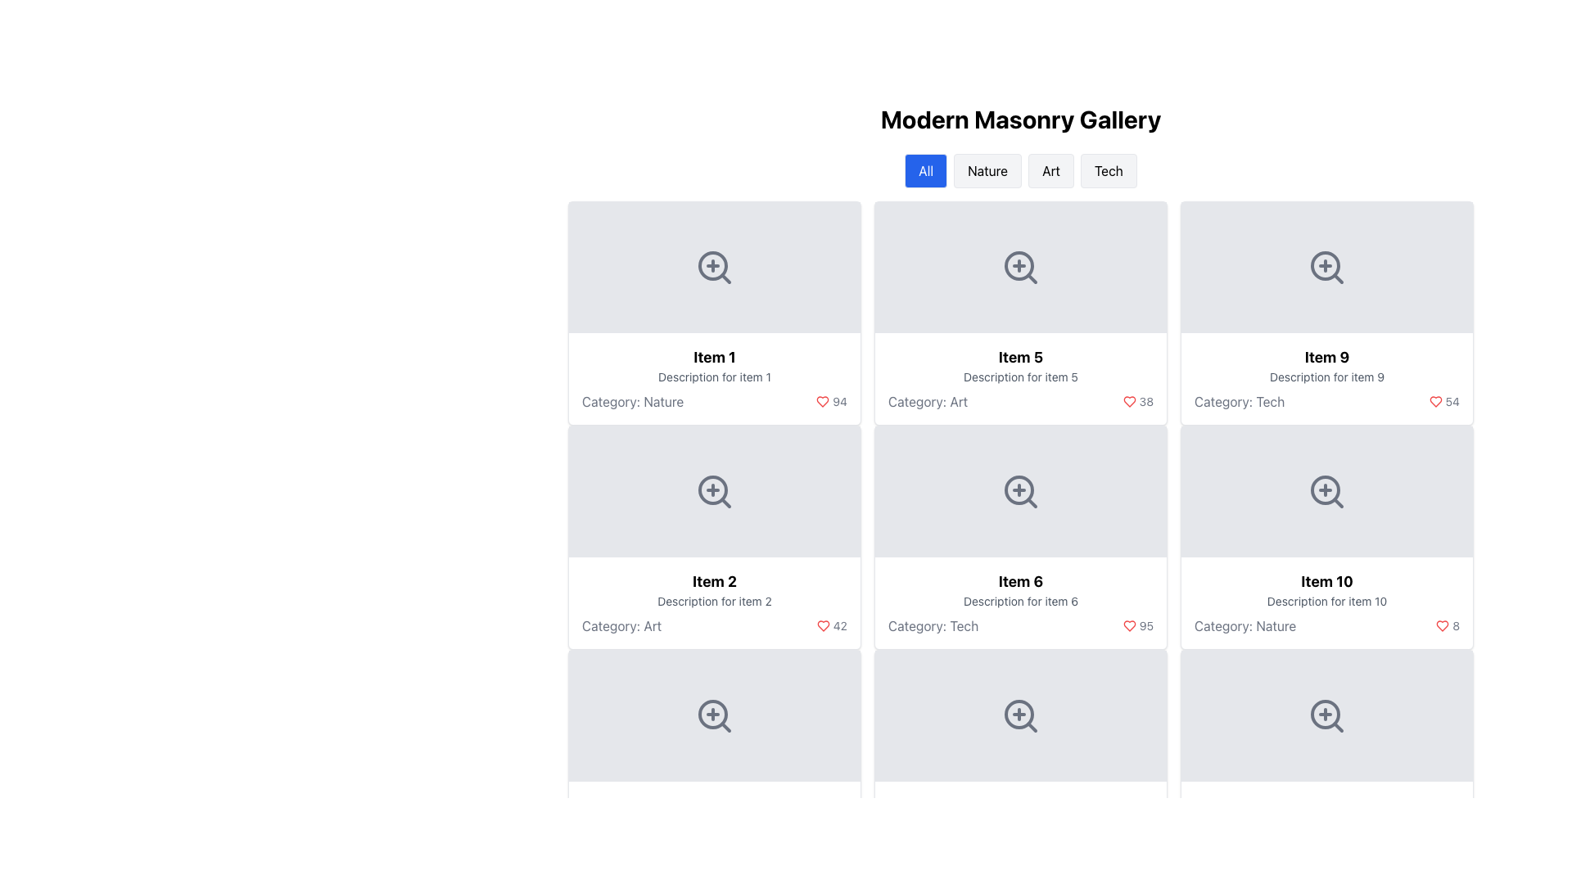 Image resolution: width=1572 pixels, height=884 pixels. What do you see at coordinates (1434, 401) in the screenshot?
I see `the red heart icon to like the item associated with 'Item 9', which is located in the details section of the grid layout` at bounding box center [1434, 401].